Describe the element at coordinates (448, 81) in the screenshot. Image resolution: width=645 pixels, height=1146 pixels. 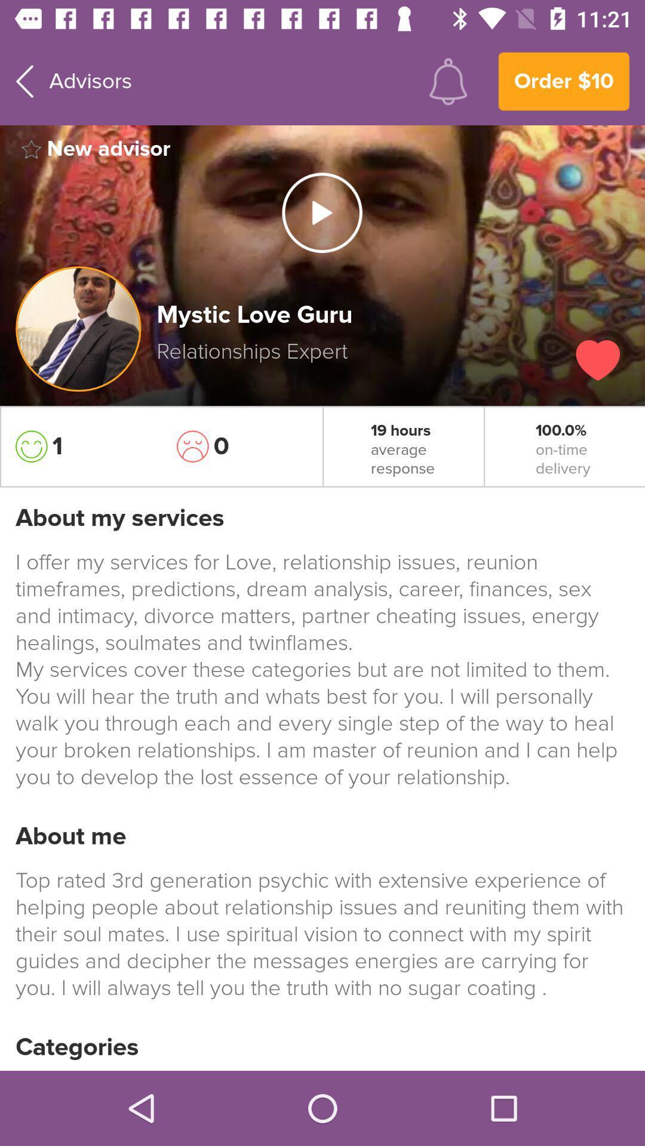
I see `the icon next to advisors item` at that location.